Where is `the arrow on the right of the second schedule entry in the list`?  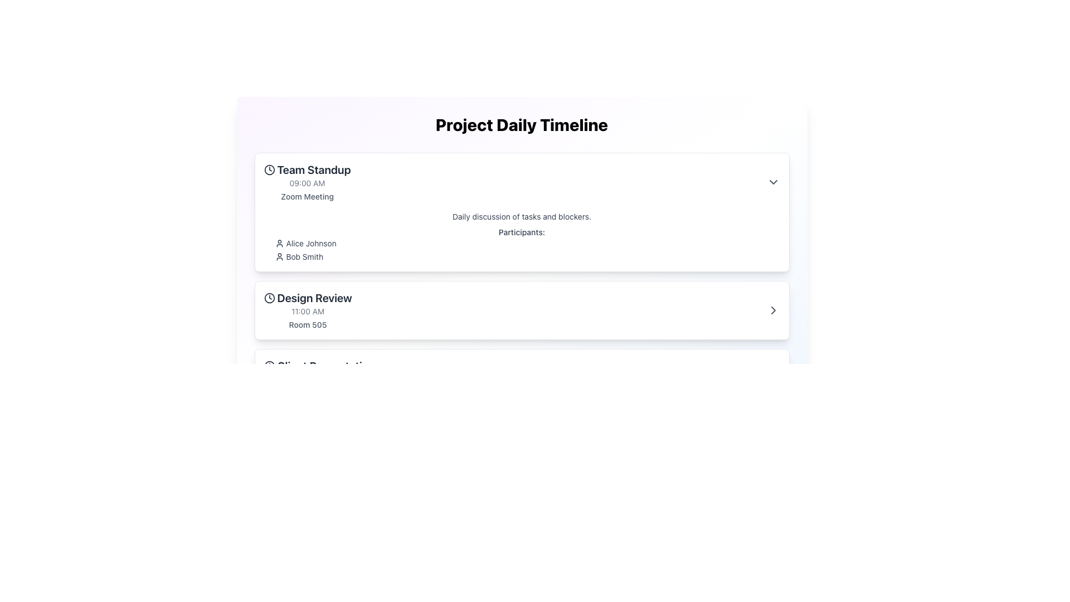 the arrow on the right of the second schedule entry in the list is located at coordinates (521, 310).